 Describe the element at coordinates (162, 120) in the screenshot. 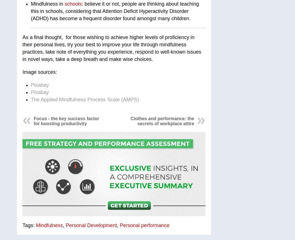

I see `'Clothes and performance: the secrets of workplace attire'` at that location.